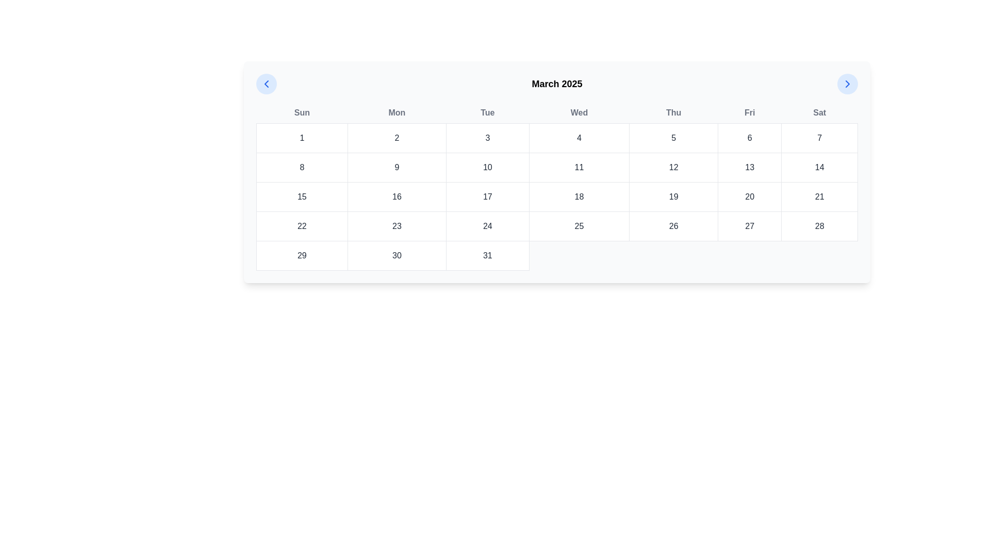  Describe the element at coordinates (579, 167) in the screenshot. I see `the selectable day button representing the 11th of the month in the calendar interface` at that location.